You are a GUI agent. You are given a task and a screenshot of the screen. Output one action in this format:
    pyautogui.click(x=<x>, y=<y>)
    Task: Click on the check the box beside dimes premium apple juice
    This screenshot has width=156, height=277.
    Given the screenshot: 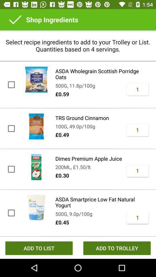 What is the action you would take?
    pyautogui.click(x=11, y=169)
    